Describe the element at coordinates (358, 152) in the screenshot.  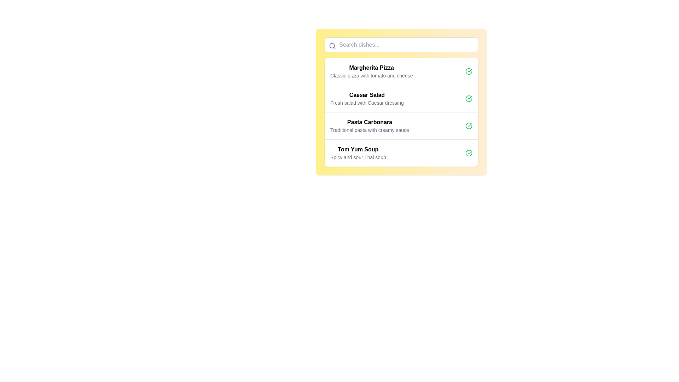
I see `the menu item labeled 'Tom Yum Soup', which is the fourth entry in the vertically arranged list of menu items, positioned below 'Pasta Carbonara'` at that location.